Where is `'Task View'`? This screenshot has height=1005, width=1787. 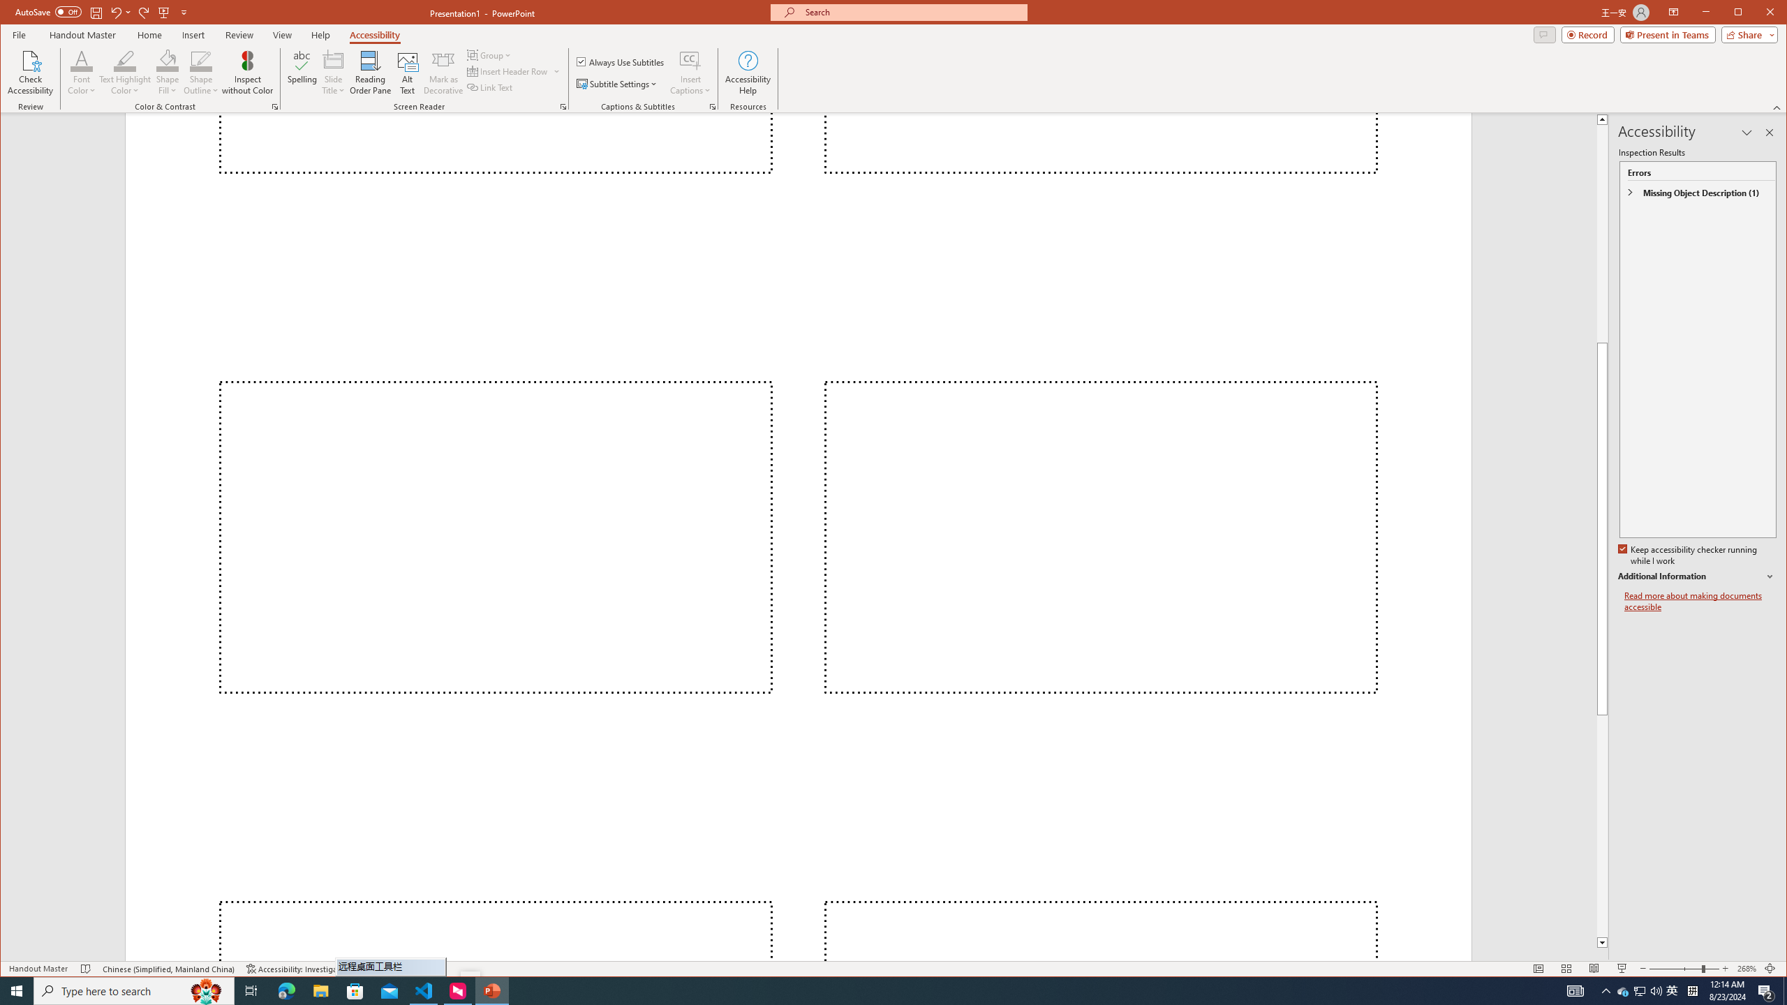 'Task View' is located at coordinates (250, 990).